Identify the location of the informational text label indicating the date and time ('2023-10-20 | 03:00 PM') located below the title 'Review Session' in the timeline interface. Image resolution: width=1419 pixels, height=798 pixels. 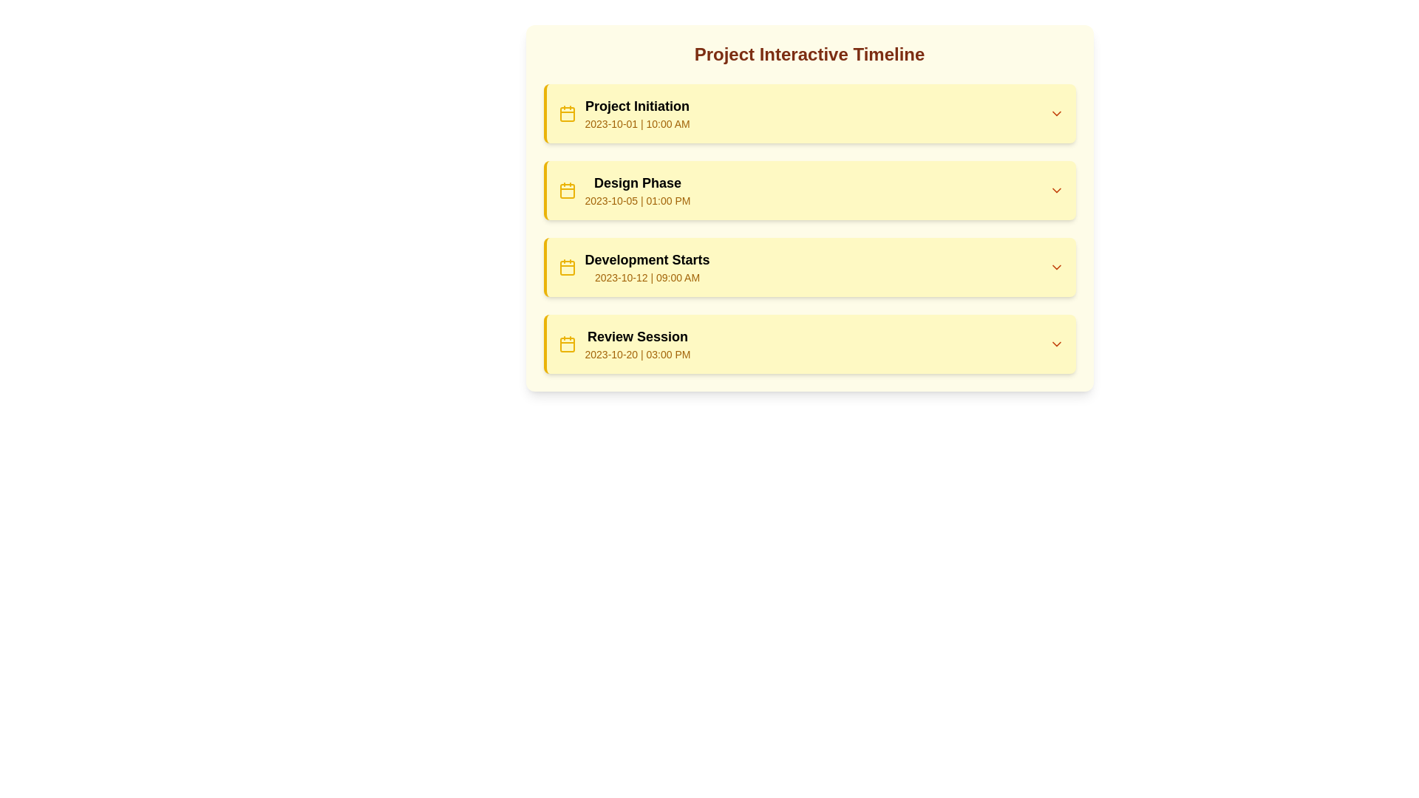
(638, 354).